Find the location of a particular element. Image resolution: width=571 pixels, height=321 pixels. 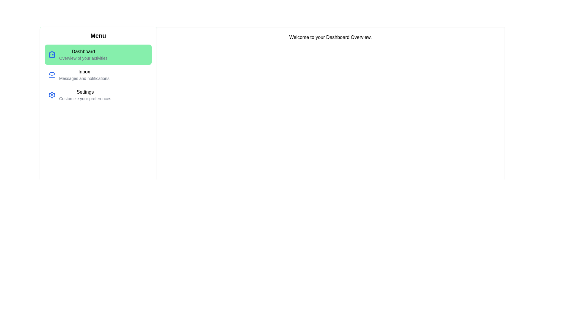

the menu item Inbox to navigate to the corresponding section is located at coordinates (98, 74).